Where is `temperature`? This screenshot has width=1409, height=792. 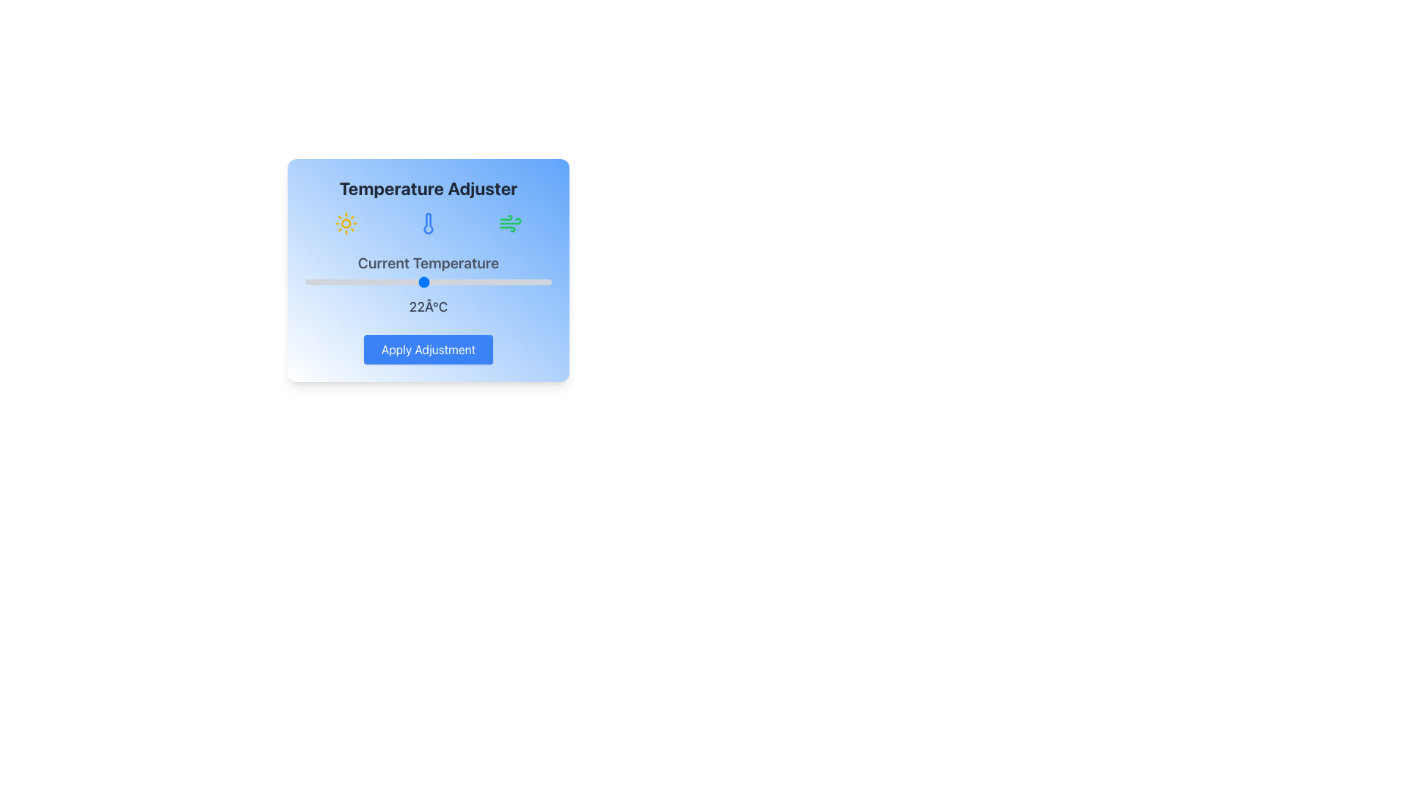 temperature is located at coordinates (432, 282).